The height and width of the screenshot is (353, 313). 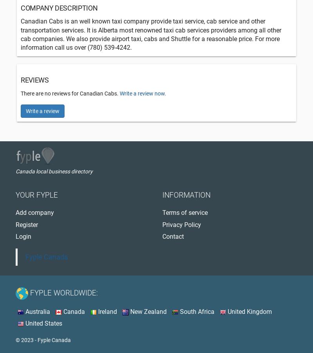 I want to click on 'Company description', so click(x=59, y=8).